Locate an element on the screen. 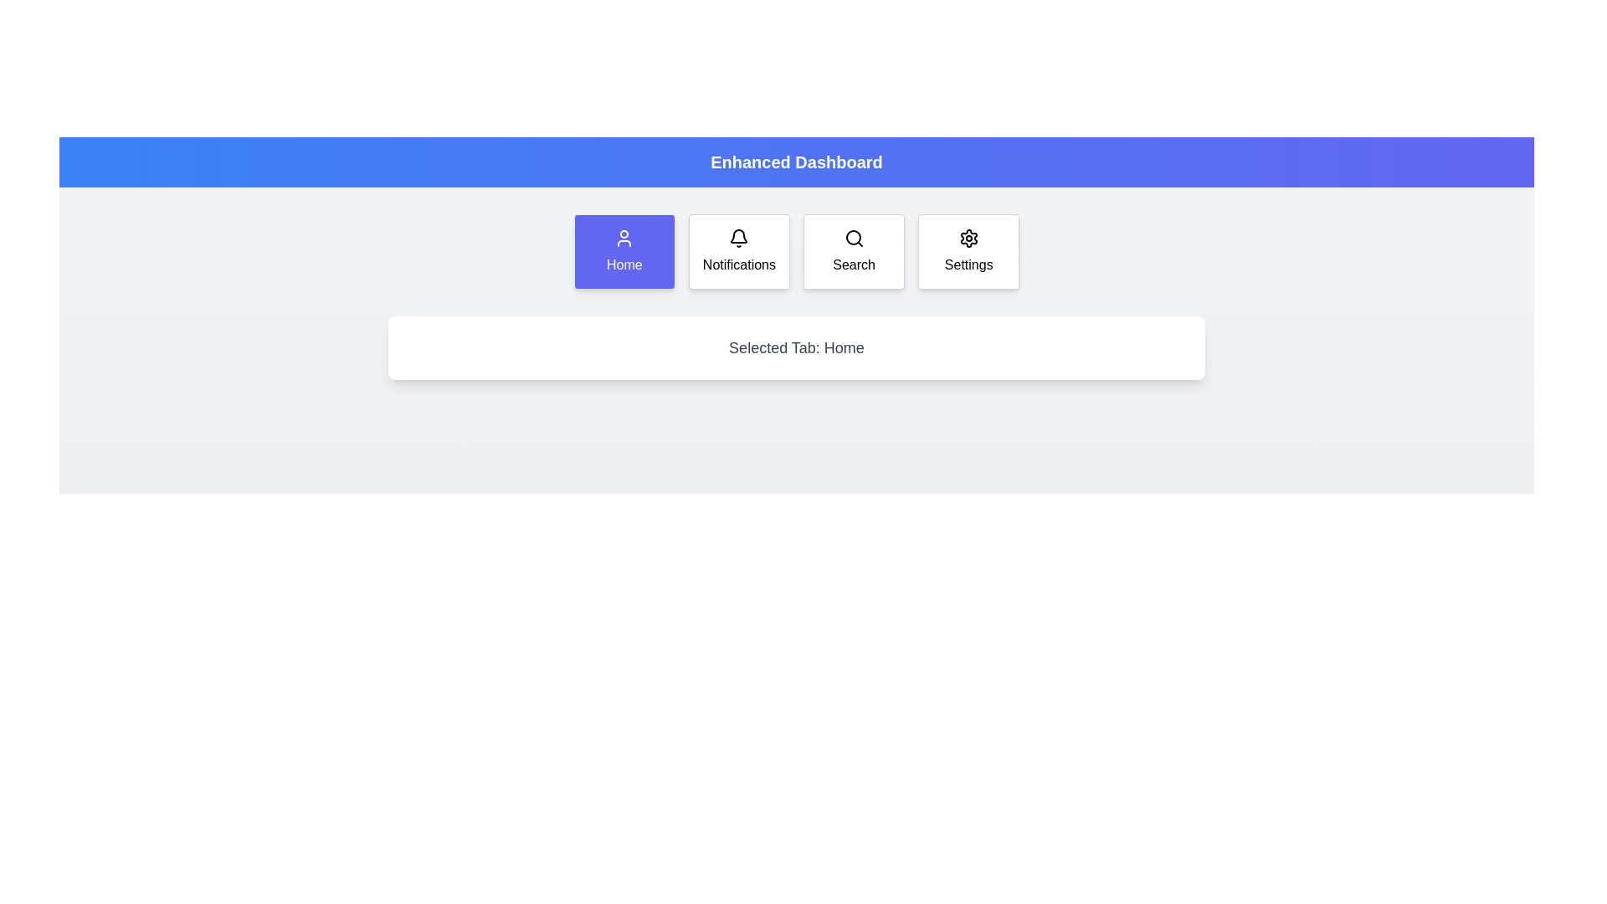  the first navigation button under the 'Enhanced Dashboard' header to redirect to the Home section of the application is located at coordinates (624, 251).